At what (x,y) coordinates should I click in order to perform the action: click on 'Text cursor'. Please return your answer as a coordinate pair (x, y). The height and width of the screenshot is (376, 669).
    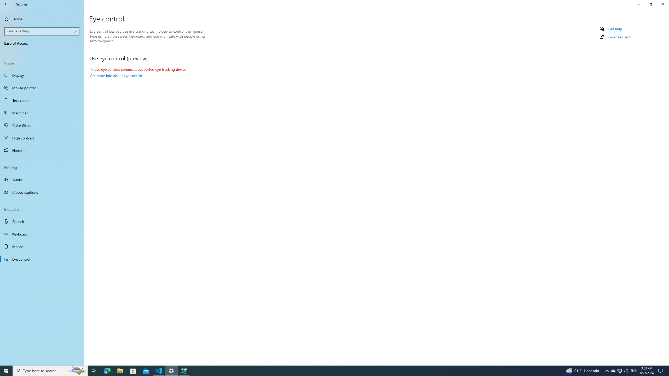
    Looking at the image, I should click on (42, 100).